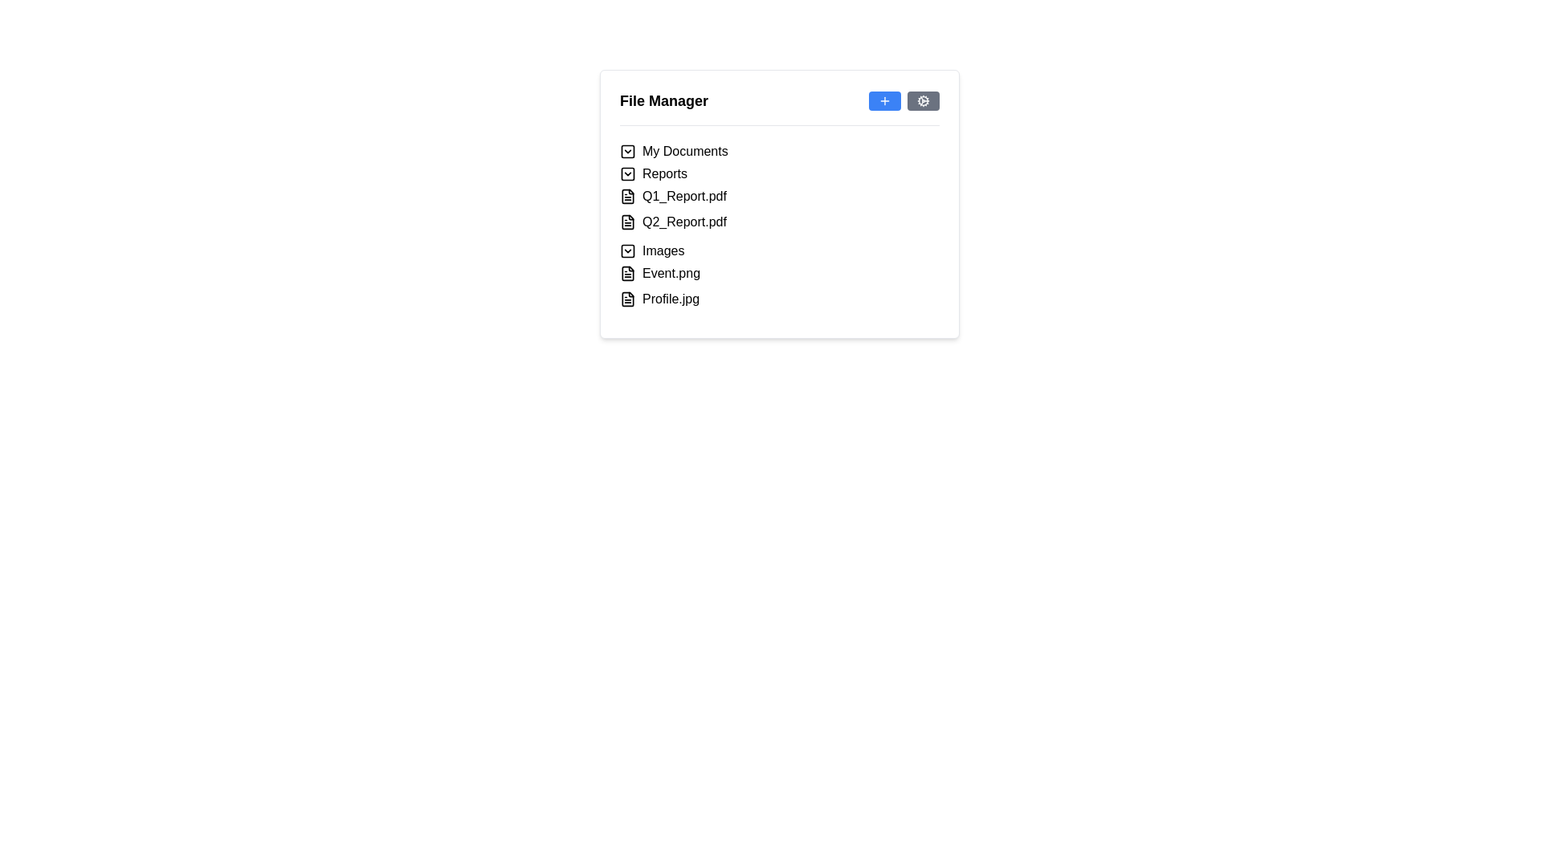 The height and width of the screenshot is (867, 1542). What do you see at coordinates (779, 152) in the screenshot?
I see `the 'My Documents' collapsible folder item, which is the first item in the hierarchical list of the 'File Manager' component` at bounding box center [779, 152].